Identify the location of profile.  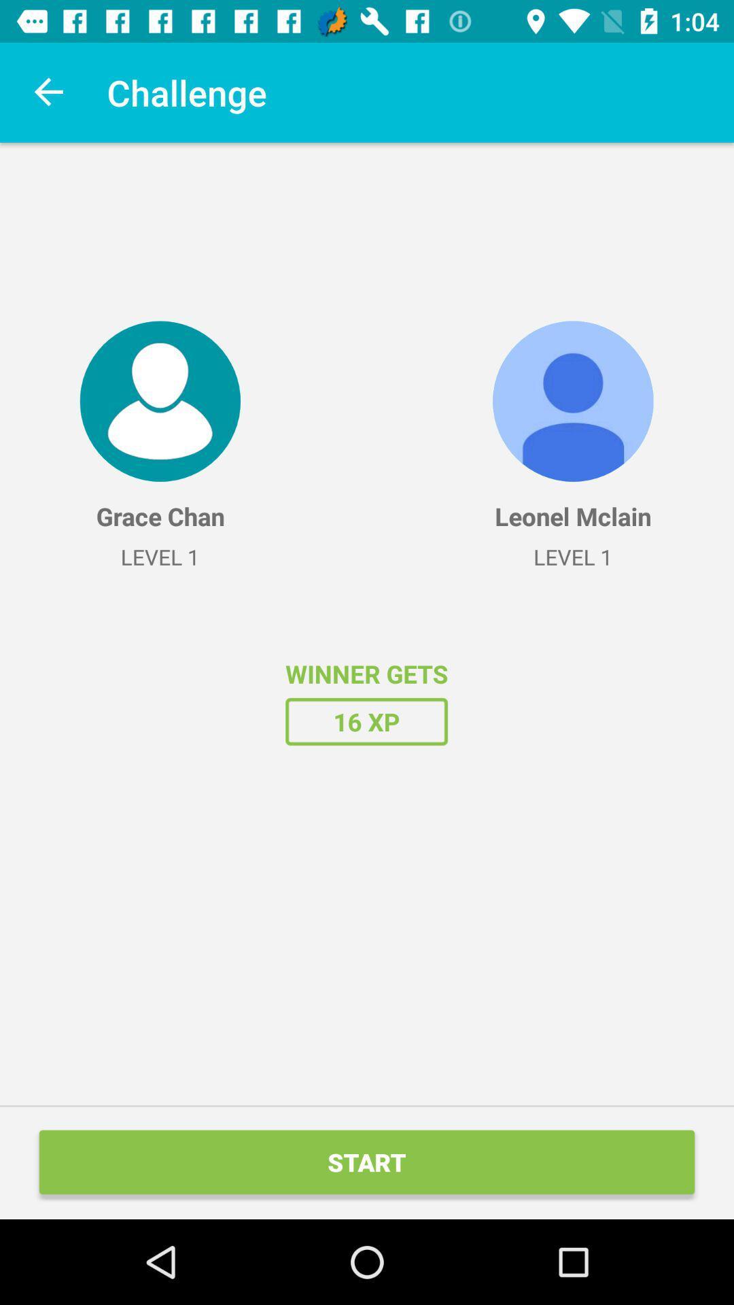
(159, 400).